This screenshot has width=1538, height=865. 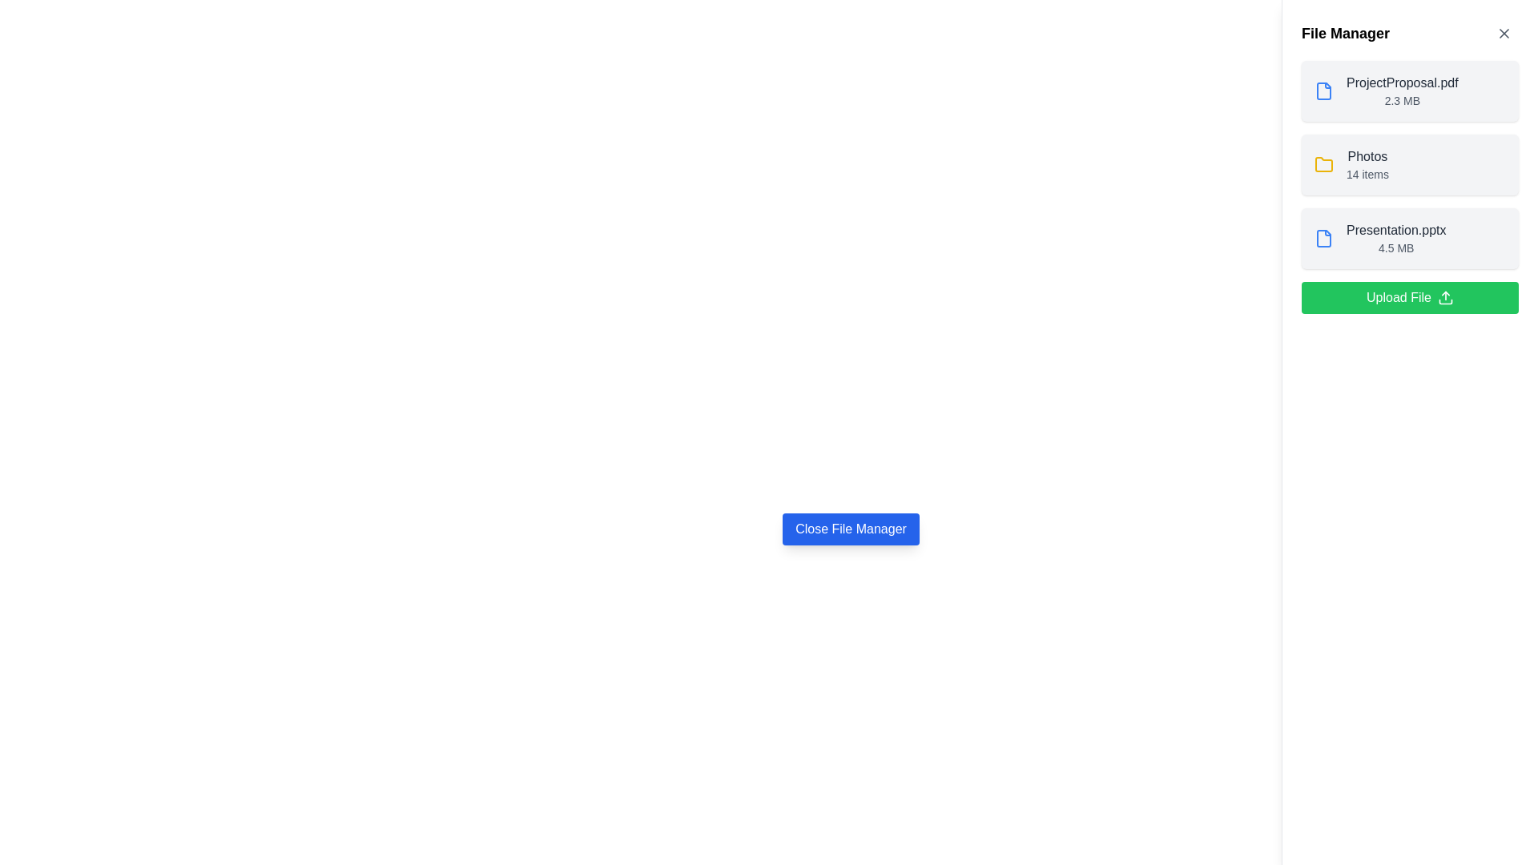 What do you see at coordinates (1351, 164) in the screenshot?
I see `the 'Photos' folder item, which is identified by its yellow folder icon and the text 'Photos' in medium gray, located` at bounding box center [1351, 164].